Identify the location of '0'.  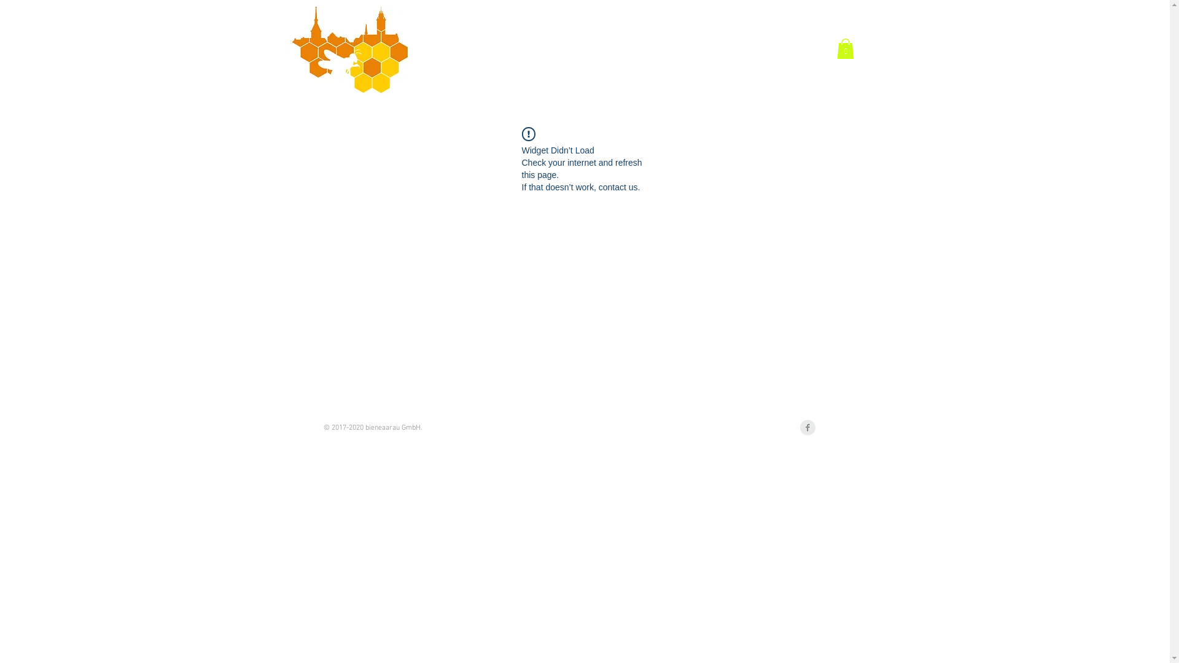
(836, 48).